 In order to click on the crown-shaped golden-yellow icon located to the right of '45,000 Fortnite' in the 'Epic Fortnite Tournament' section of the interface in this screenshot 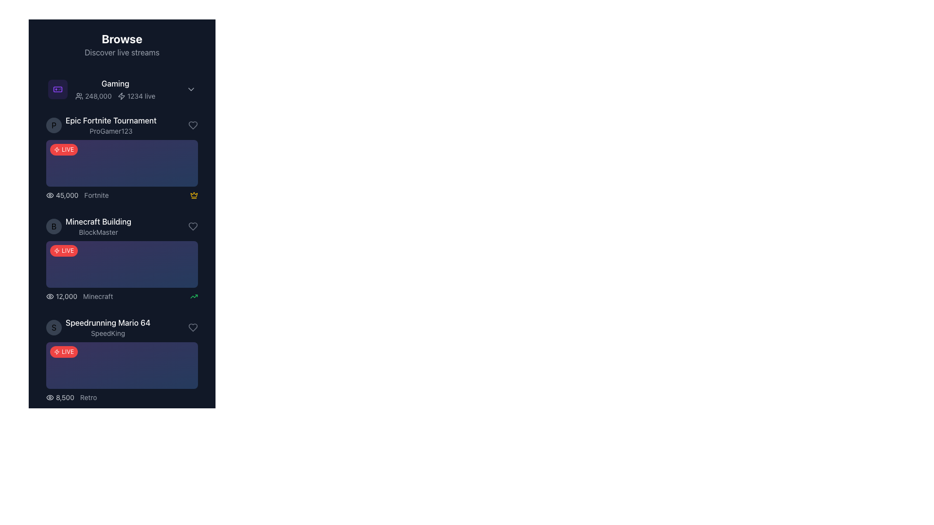, I will do `click(194, 195)`.